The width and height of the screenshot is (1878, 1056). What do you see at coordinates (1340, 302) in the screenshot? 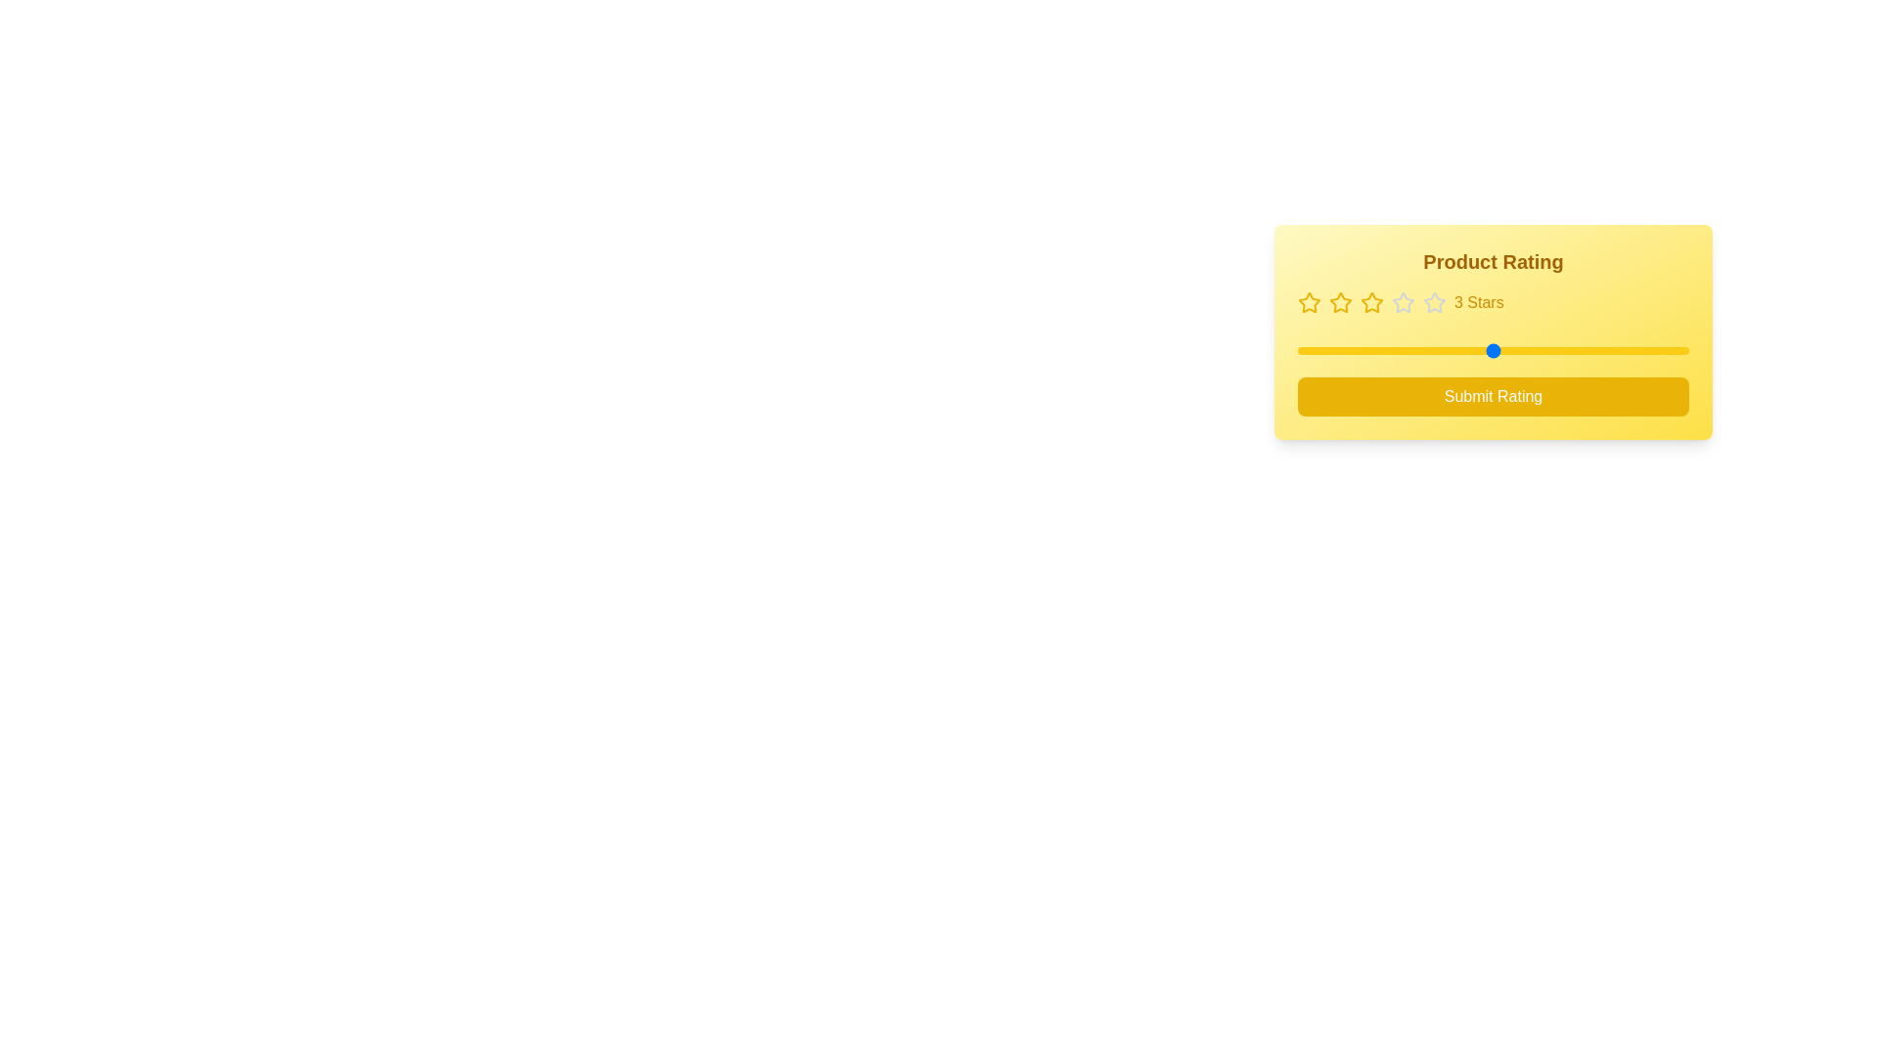
I see `the filled yellow star icon, which is the second star in a row of five under the 'Product Rating' heading` at bounding box center [1340, 302].